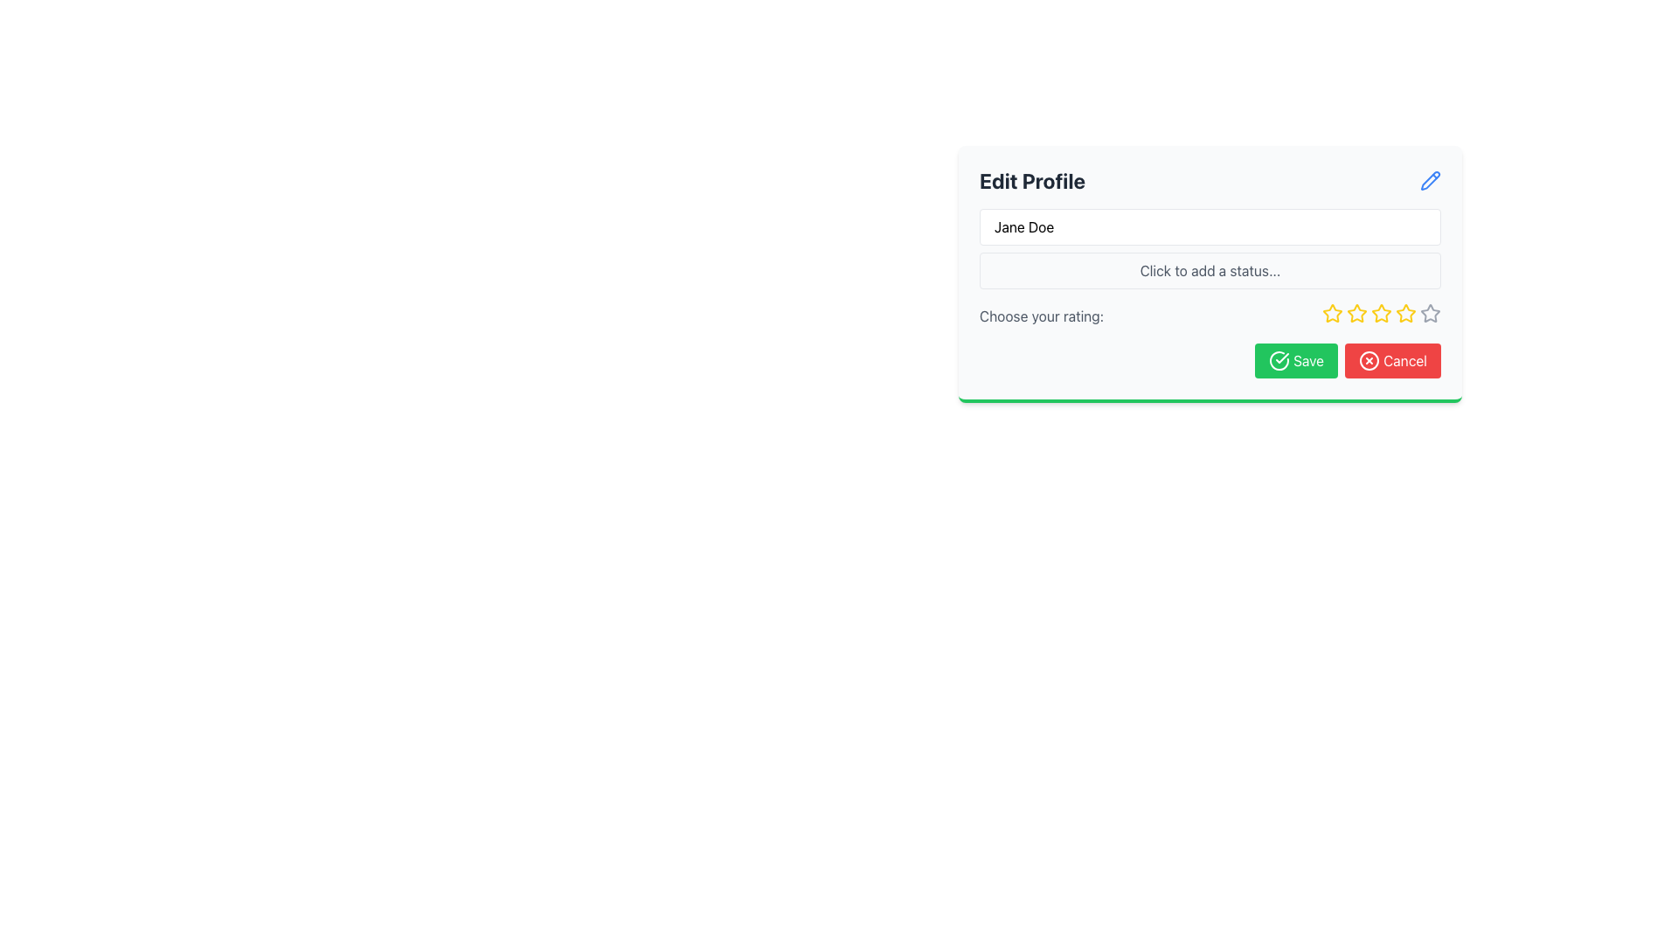 Image resolution: width=1678 pixels, height=944 pixels. I want to click on the fifth star rating icon, which is part of a horizontal row of rating icons positioned below the text input field labeled 'Choose your rating:' and above the 'Save' and 'Cancel' buttons, to indicate a possible selection, so click(1405, 312).